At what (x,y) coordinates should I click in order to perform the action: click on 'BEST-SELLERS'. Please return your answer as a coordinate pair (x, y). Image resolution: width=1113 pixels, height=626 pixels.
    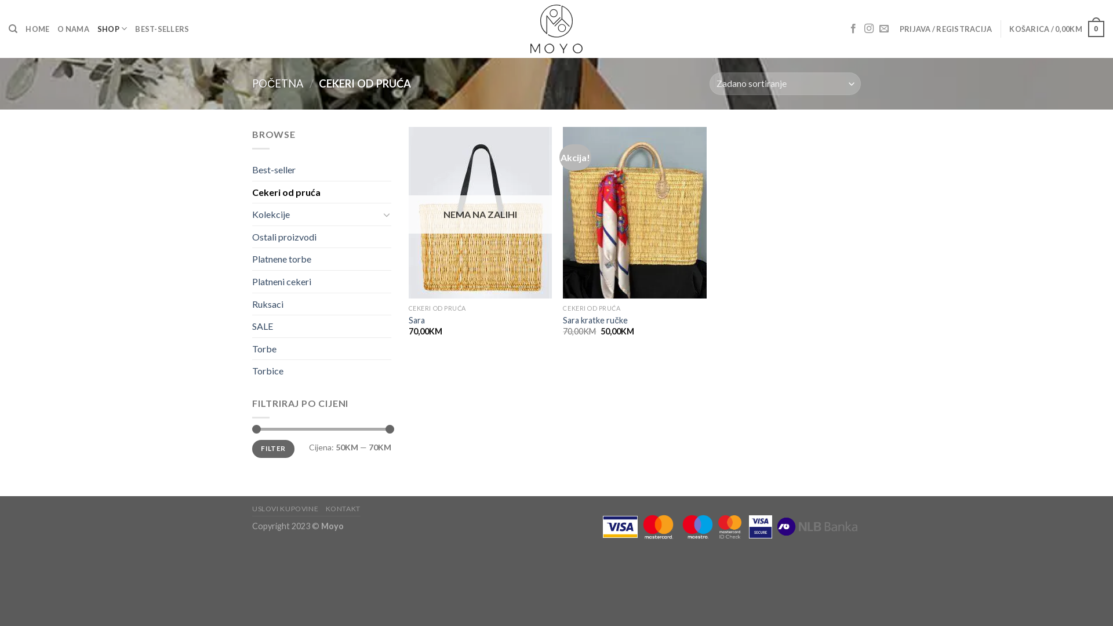
    Looking at the image, I should click on (135, 28).